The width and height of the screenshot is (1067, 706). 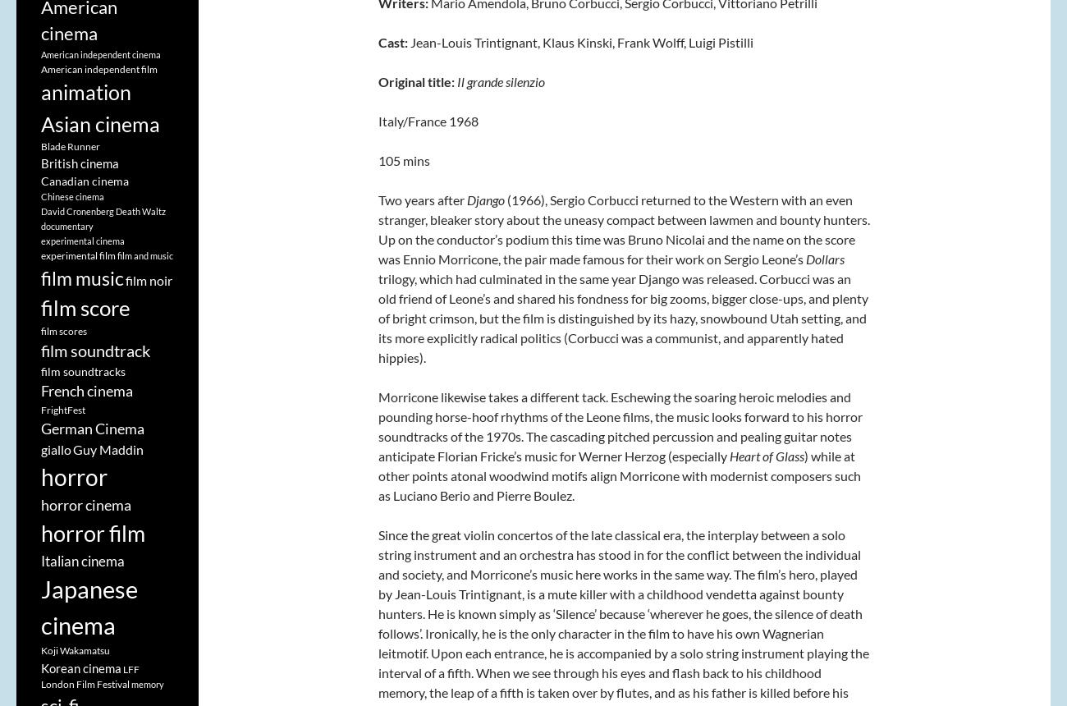 What do you see at coordinates (423, 199) in the screenshot?
I see `'Two years after'` at bounding box center [423, 199].